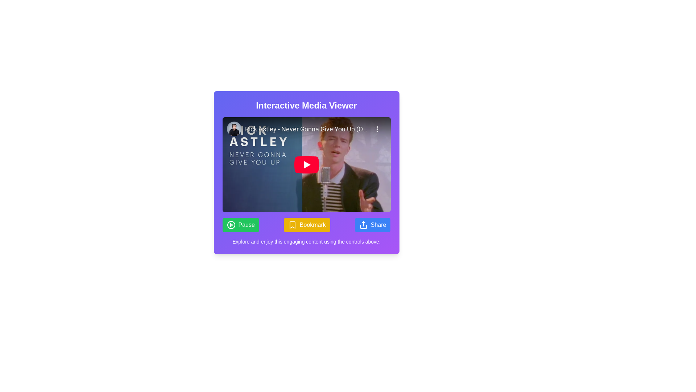 This screenshot has width=696, height=392. I want to click on the play/pause icon located inside the 'Pause' button, which is positioned to the left of the text 'Pause' within the video playback control interface, so click(231, 225).